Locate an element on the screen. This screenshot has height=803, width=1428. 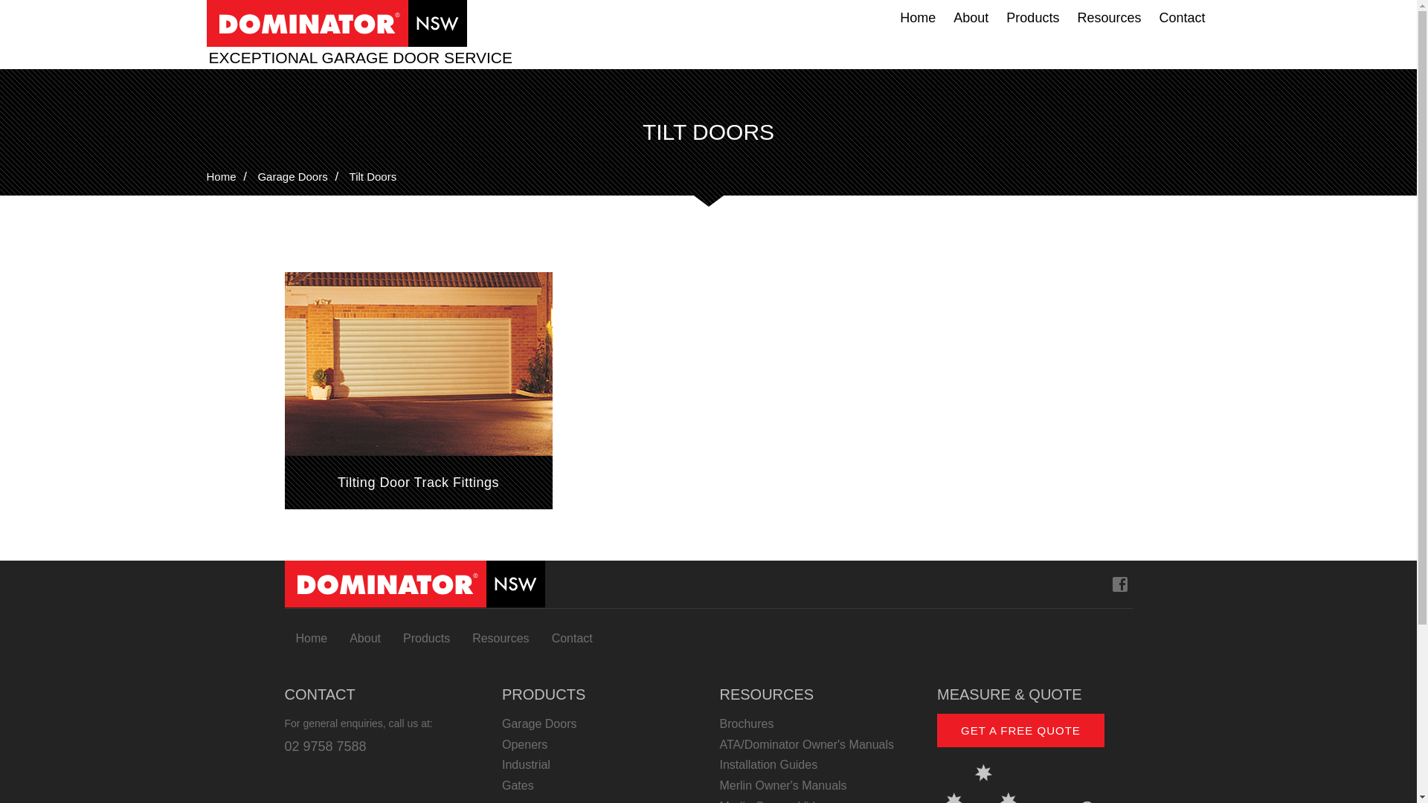
'Resources' is located at coordinates (1067, 17).